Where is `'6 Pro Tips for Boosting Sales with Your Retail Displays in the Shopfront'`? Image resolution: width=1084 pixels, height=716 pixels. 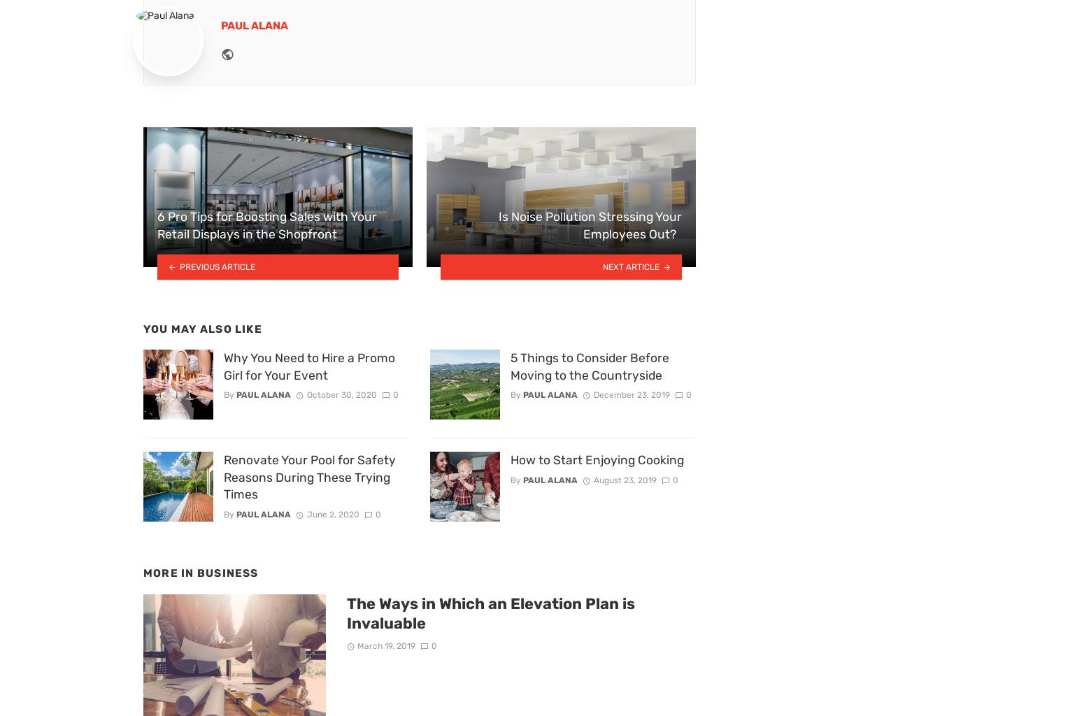
'6 Pro Tips for Boosting Sales with Your Retail Displays in the Shopfront' is located at coordinates (266, 224).